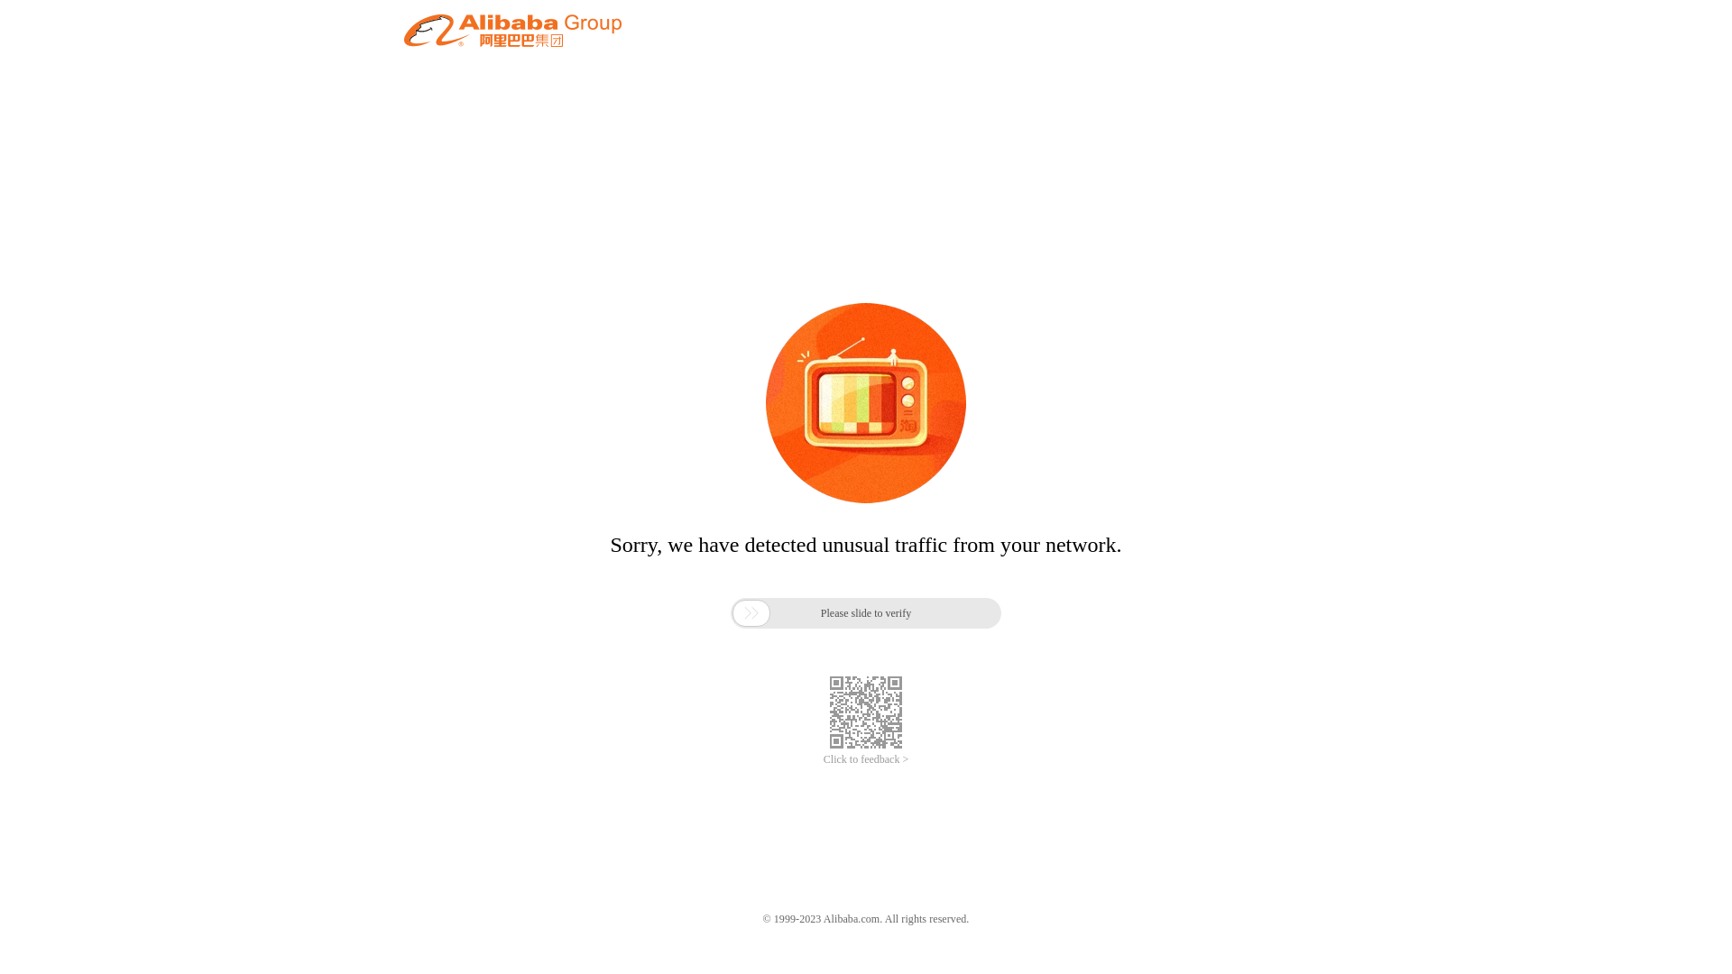 This screenshot has width=1732, height=974. Describe the element at coordinates (866, 759) in the screenshot. I see `'Click to feedback >'` at that location.